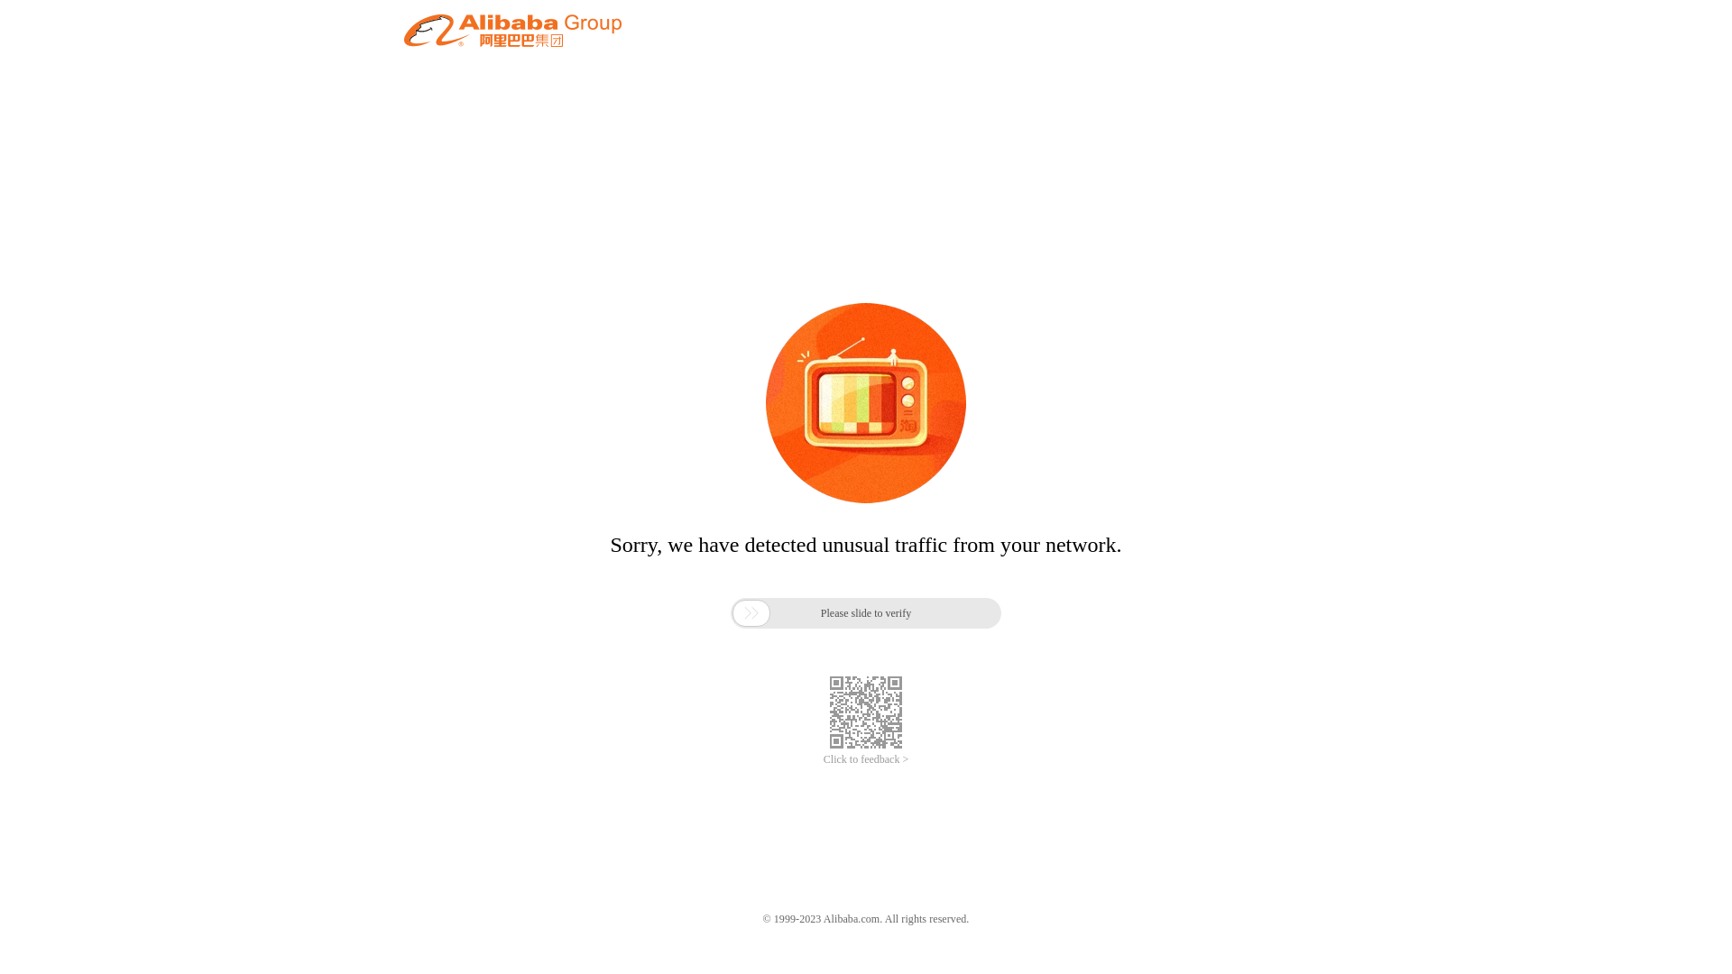 This screenshot has width=1732, height=974. Describe the element at coordinates (866, 759) in the screenshot. I see `'Click to feedback >'` at that location.